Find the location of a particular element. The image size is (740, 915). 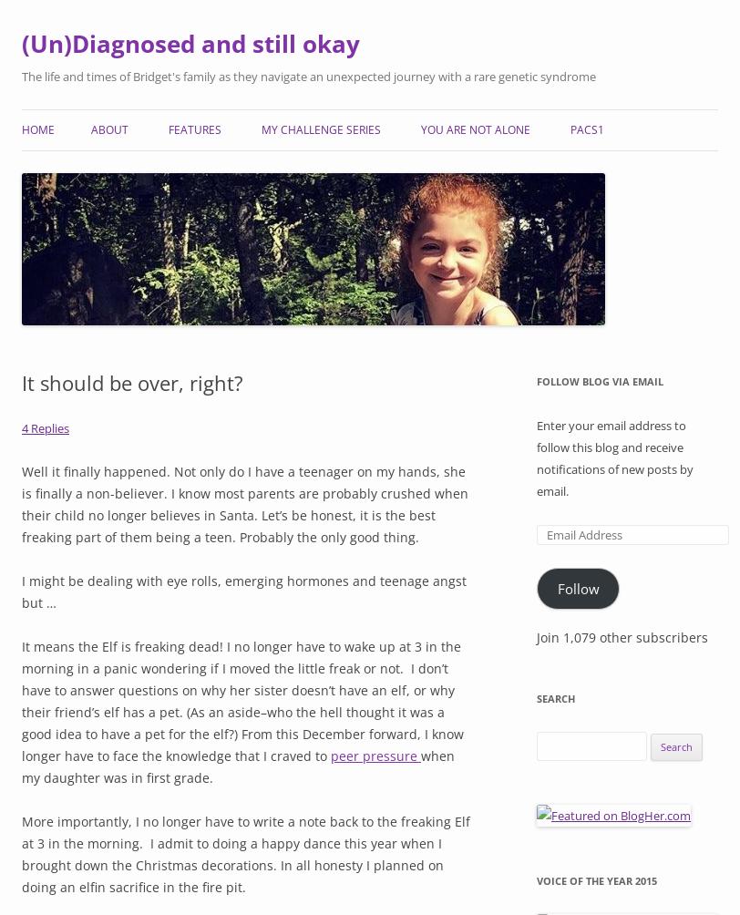

'You are not alone' is located at coordinates (476, 129).